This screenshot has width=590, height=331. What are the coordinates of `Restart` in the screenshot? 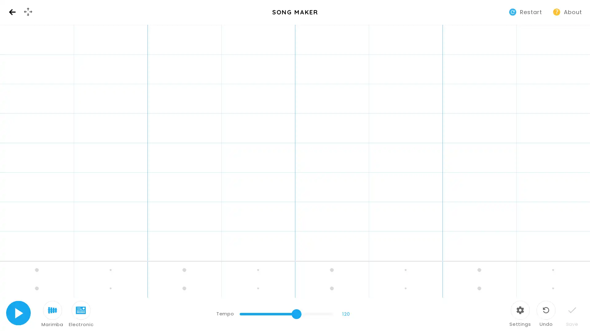 It's located at (526, 12).